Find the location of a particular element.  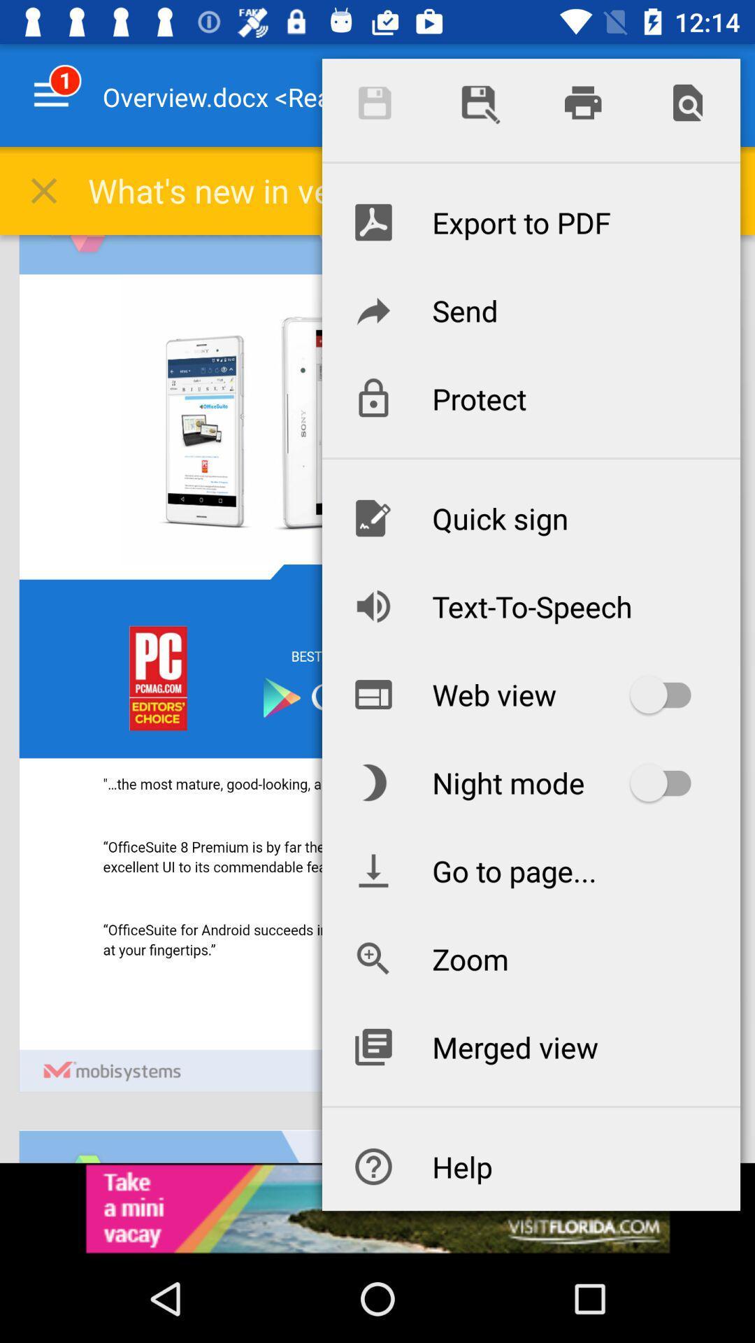

icon above night mode icon is located at coordinates (531, 695).